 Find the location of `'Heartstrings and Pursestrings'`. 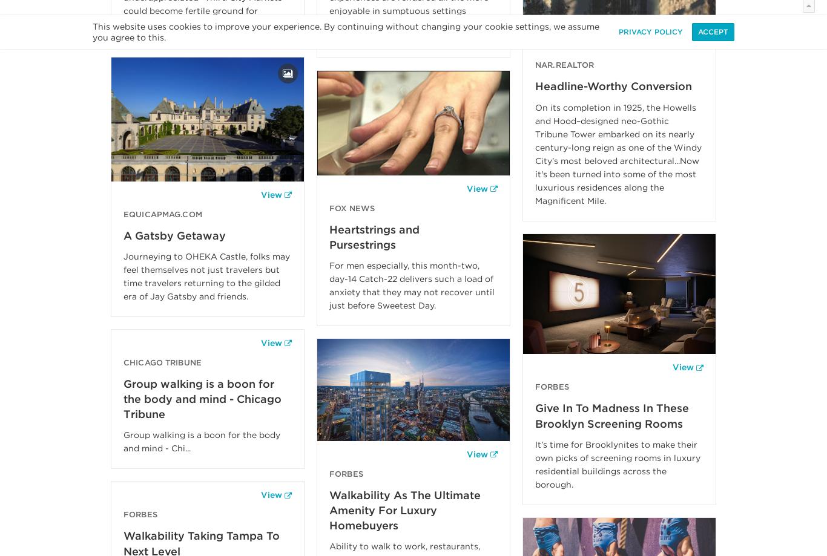

'Heartstrings and Pursestrings' is located at coordinates (374, 237).